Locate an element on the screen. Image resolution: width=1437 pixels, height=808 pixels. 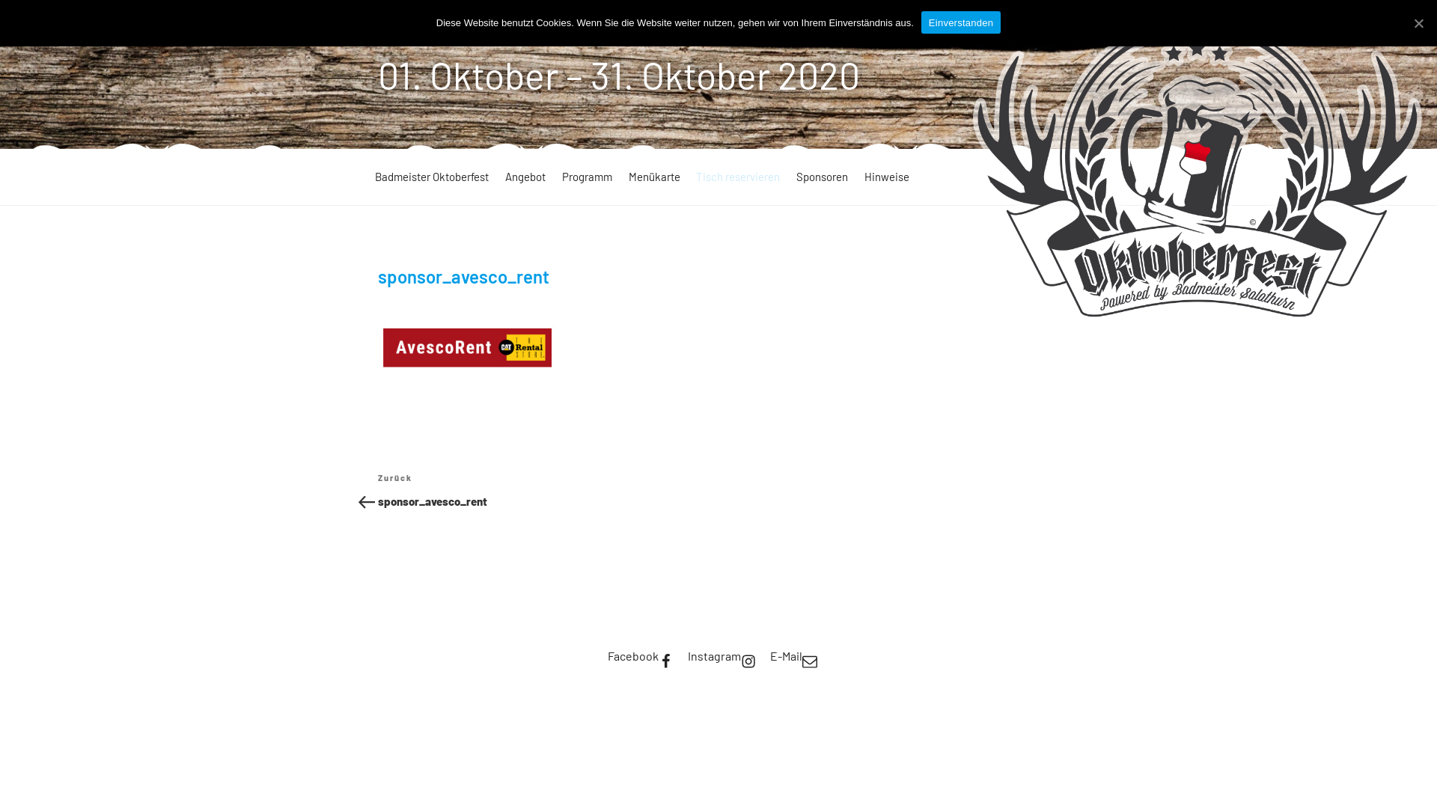
'E-Mail' is located at coordinates (793, 655).